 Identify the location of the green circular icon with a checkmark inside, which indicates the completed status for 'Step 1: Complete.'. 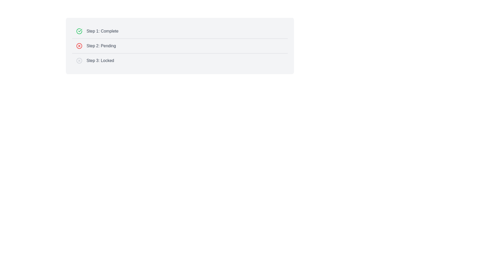
(79, 31).